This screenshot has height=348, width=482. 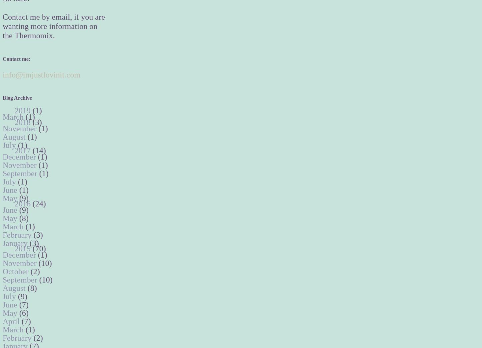 I want to click on 'info@imjustlovinit.com', so click(x=41, y=74).